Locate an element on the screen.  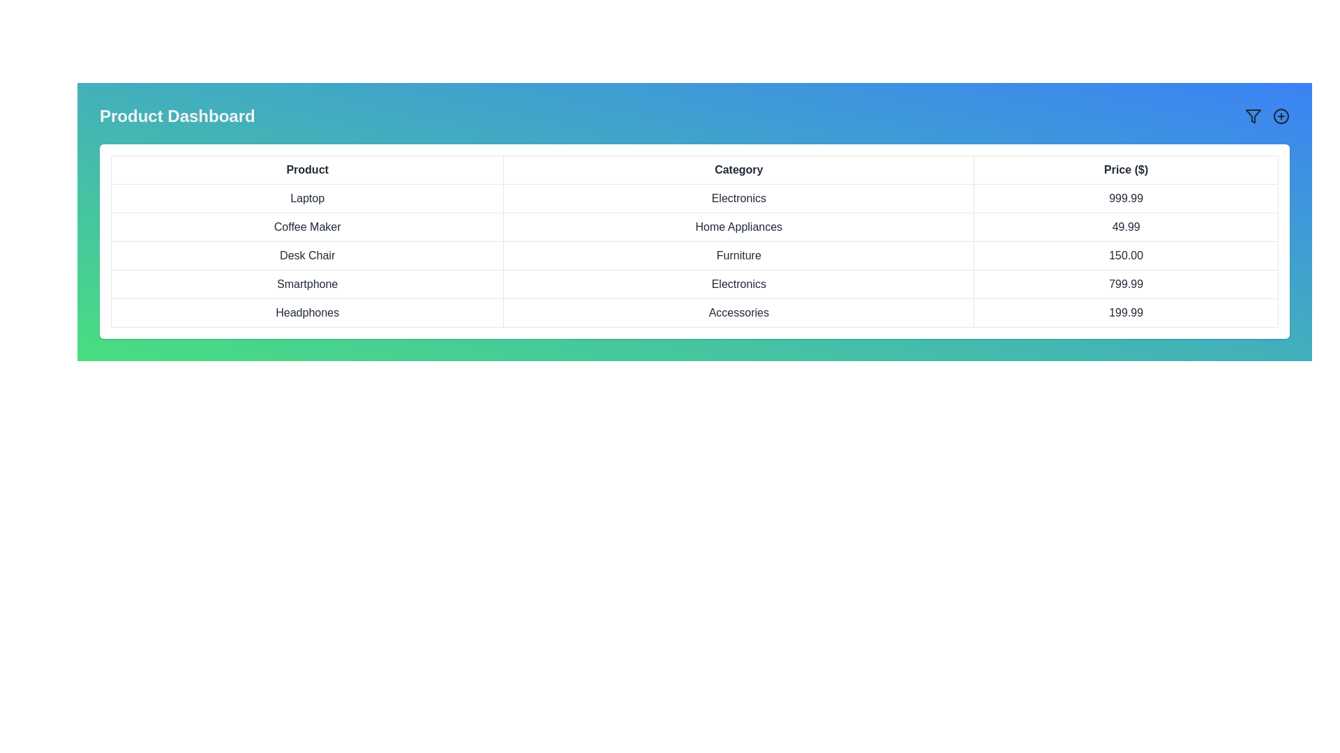
the table header labeled 'Price ($)' which is the third column header in the table is located at coordinates (1126, 169).